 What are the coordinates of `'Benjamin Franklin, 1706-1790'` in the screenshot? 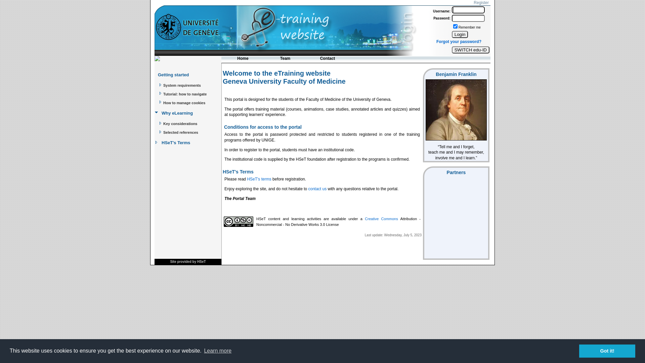 It's located at (456, 110).